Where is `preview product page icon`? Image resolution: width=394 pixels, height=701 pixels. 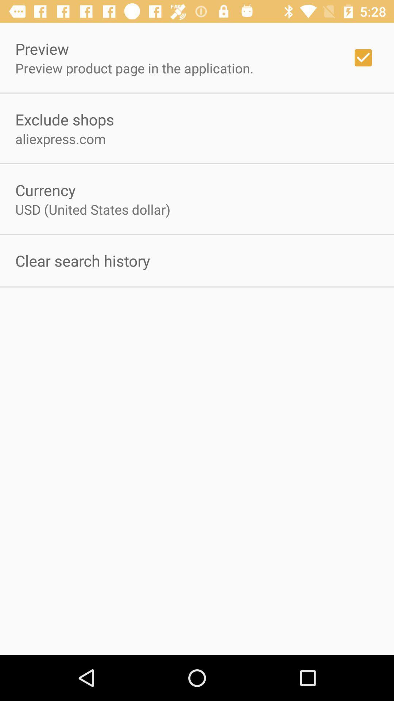
preview product page icon is located at coordinates (134, 68).